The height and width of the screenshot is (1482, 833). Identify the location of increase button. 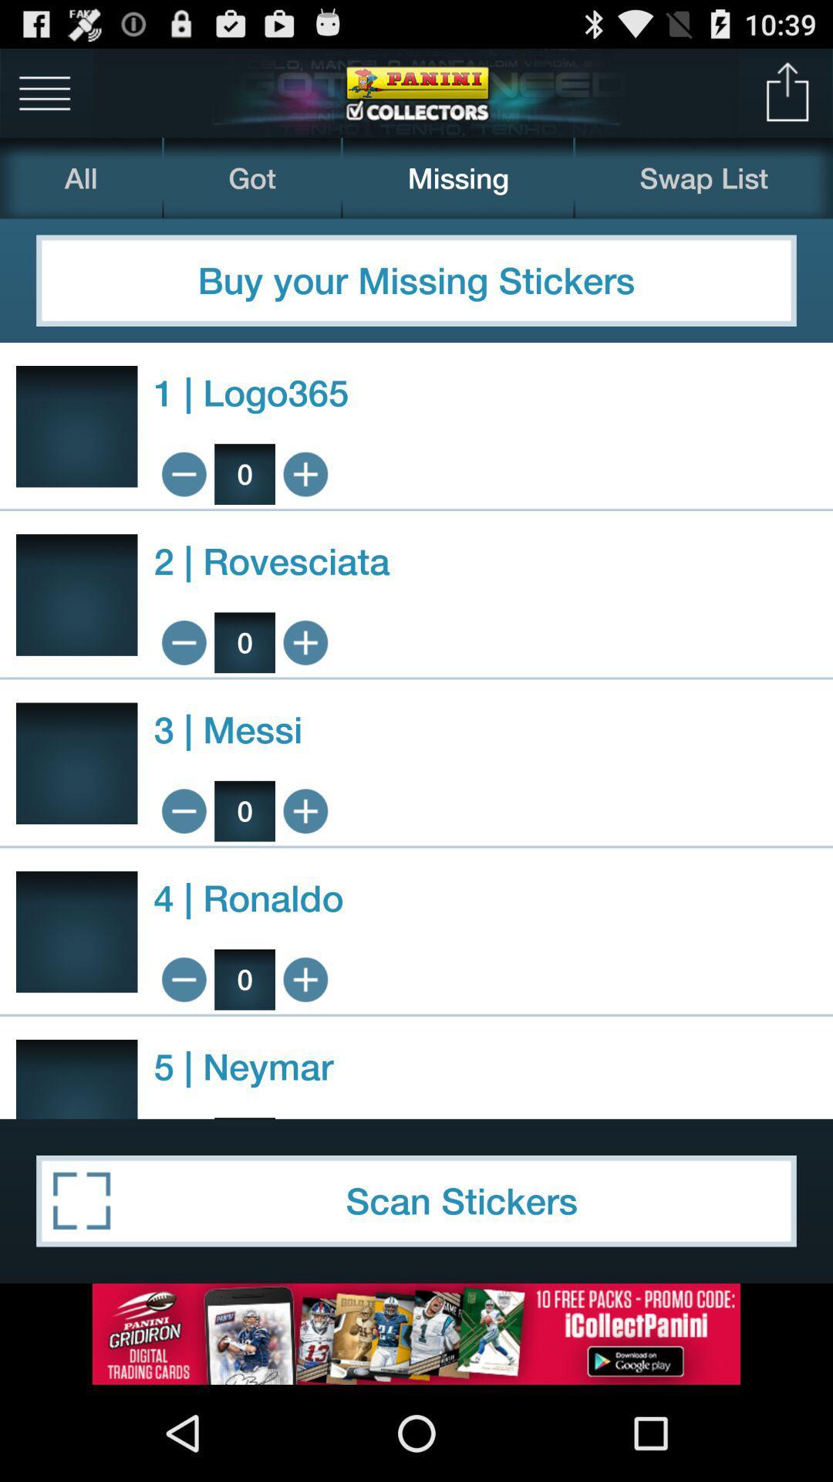
(305, 979).